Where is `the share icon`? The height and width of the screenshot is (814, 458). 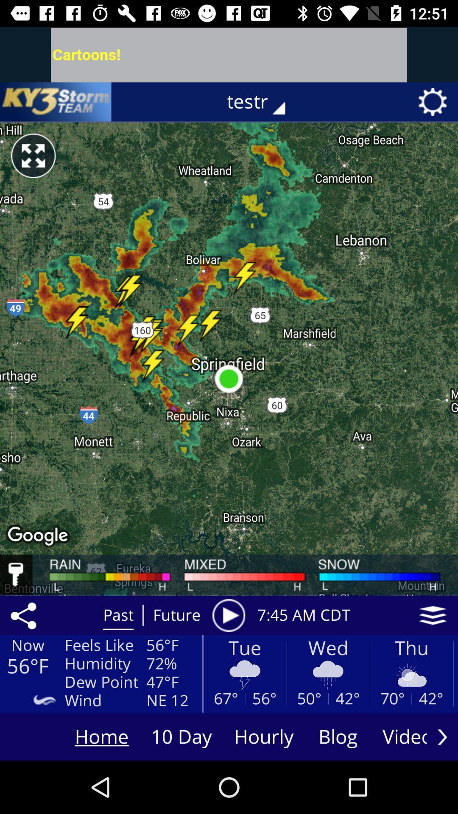
the share icon is located at coordinates (25, 615).